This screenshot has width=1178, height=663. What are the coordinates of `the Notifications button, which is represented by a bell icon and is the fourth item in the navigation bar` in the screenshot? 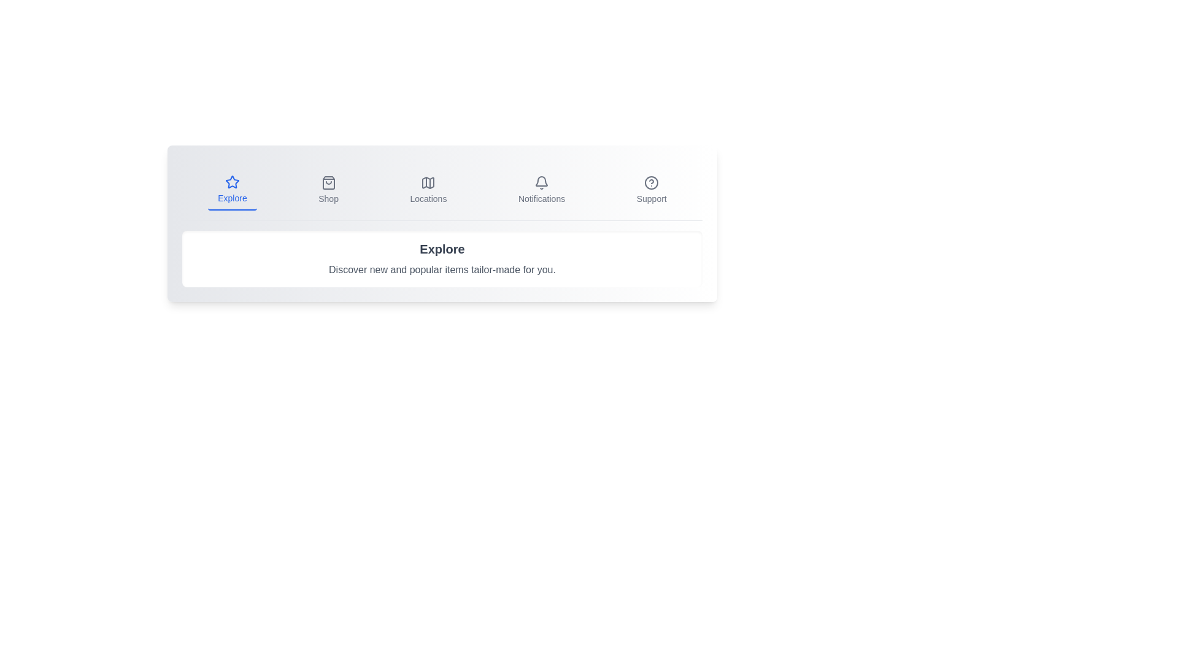 It's located at (541, 190).